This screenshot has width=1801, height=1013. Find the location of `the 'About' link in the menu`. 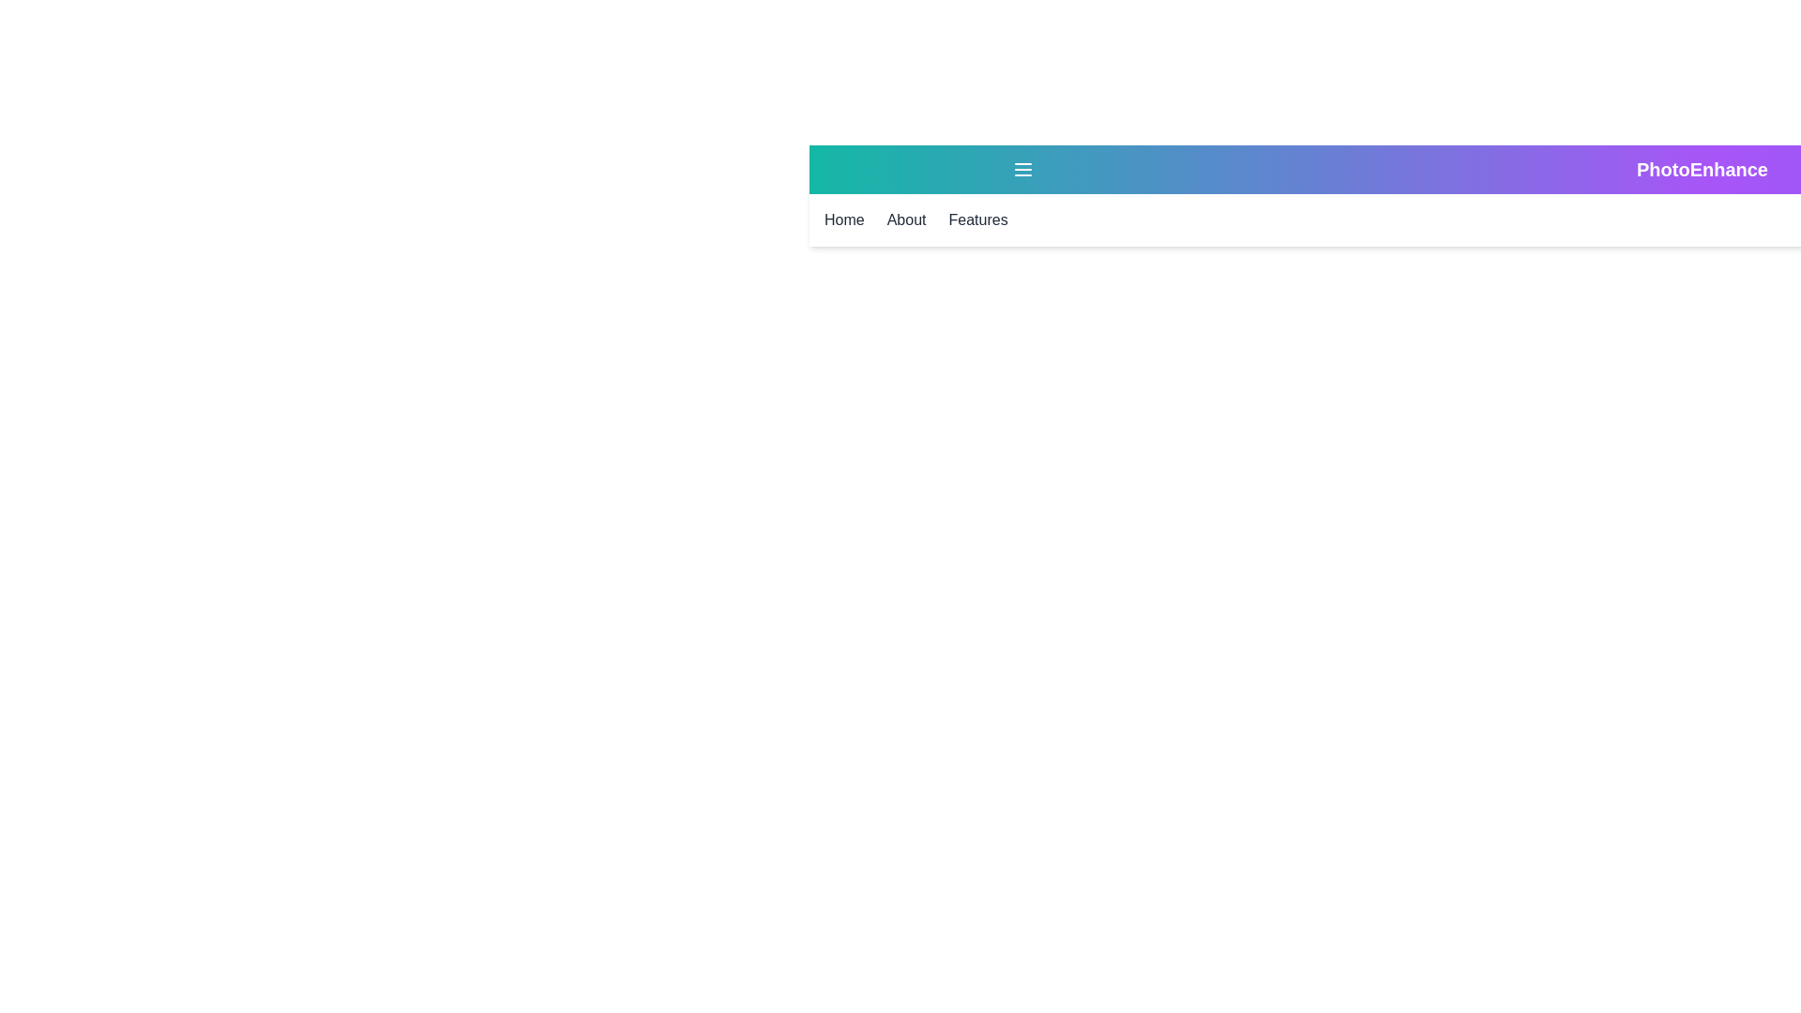

the 'About' link in the menu is located at coordinates (905, 219).